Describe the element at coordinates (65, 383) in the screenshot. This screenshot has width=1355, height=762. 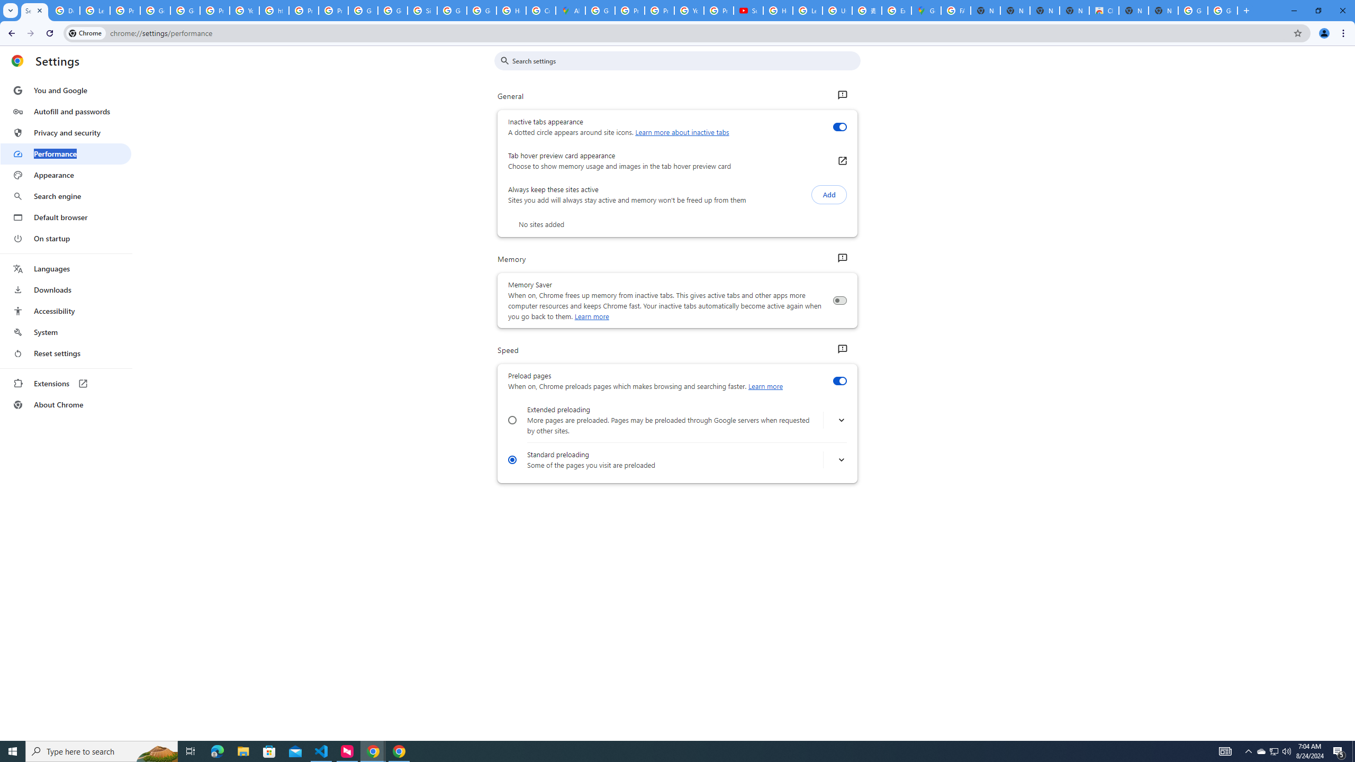
I see `'Extensions'` at that location.